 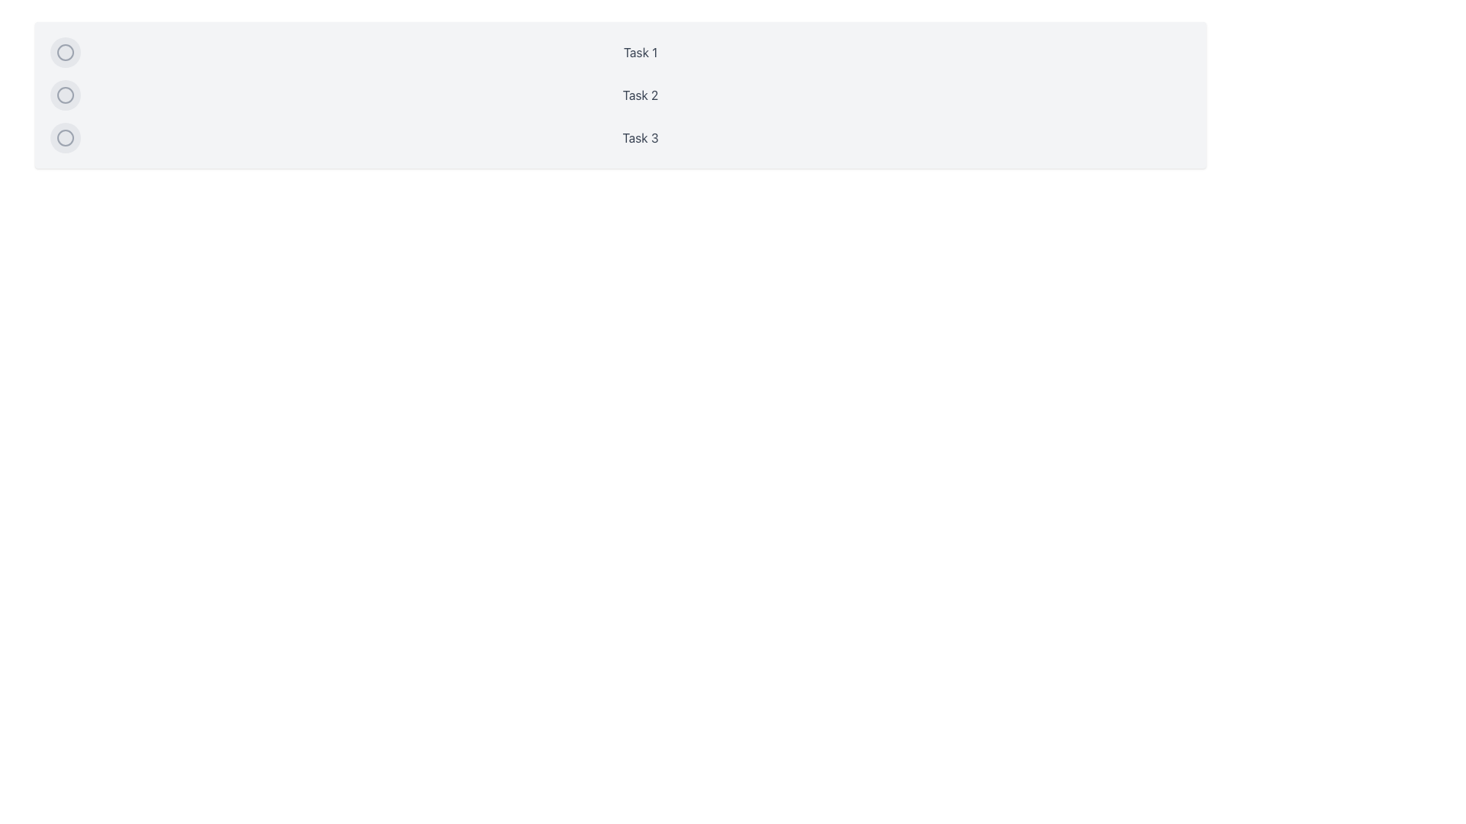 I want to click on text label 'Task 2' from the composite element that includes a circular button or icon, positioned below 'Task 1' and above 'Task 3', so click(x=620, y=95).